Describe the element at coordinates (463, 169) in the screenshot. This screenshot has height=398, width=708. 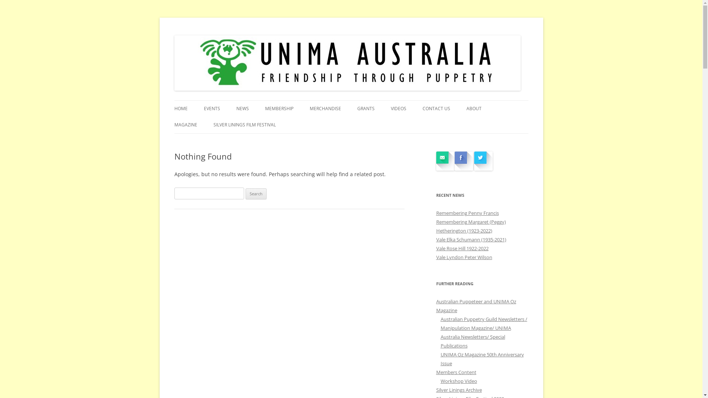
I see `'UNIMA Australia on Facebook'` at that location.